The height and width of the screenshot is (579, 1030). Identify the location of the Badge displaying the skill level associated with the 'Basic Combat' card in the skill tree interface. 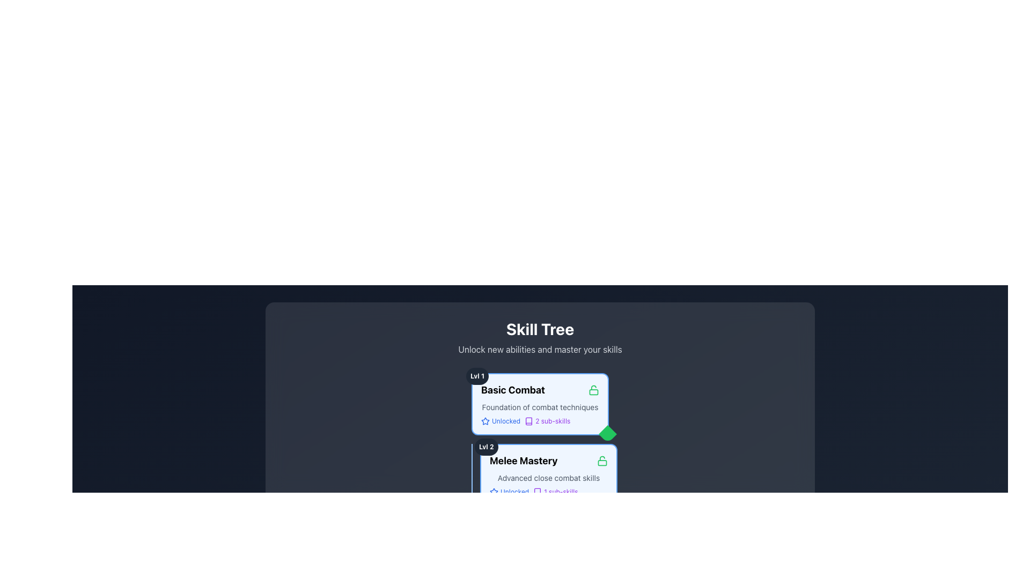
(477, 376).